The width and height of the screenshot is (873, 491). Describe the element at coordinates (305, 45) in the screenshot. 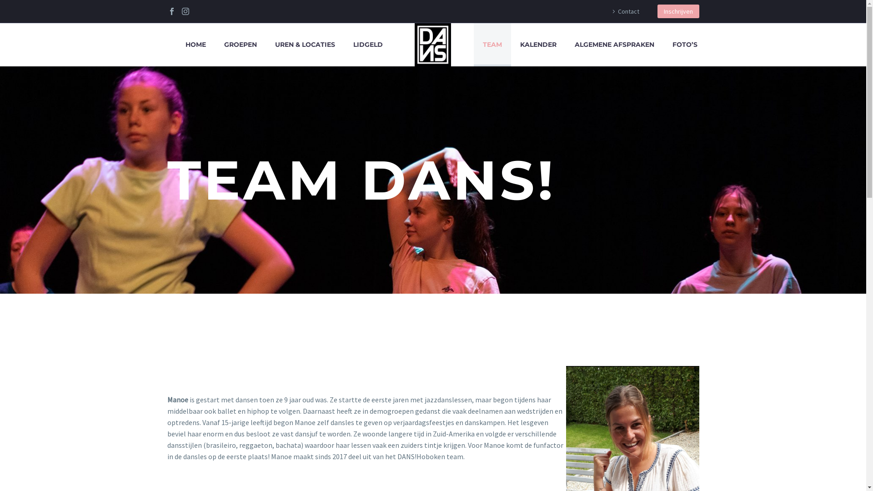

I see `'UREN & LOCATIES'` at that location.